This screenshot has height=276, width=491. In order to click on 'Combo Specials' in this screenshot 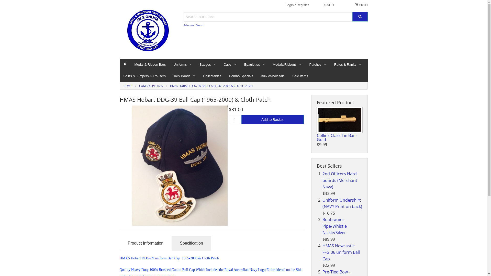, I will do `click(225, 76)`.